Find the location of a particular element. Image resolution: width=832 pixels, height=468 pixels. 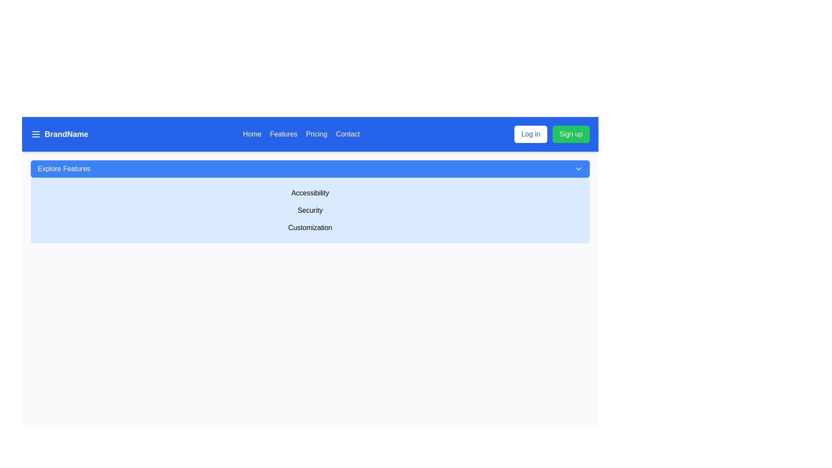

the toggle button that controls the visibility of options like 'Accessibility', 'Security', and 'Customization' is located at coordinates (310, 169).